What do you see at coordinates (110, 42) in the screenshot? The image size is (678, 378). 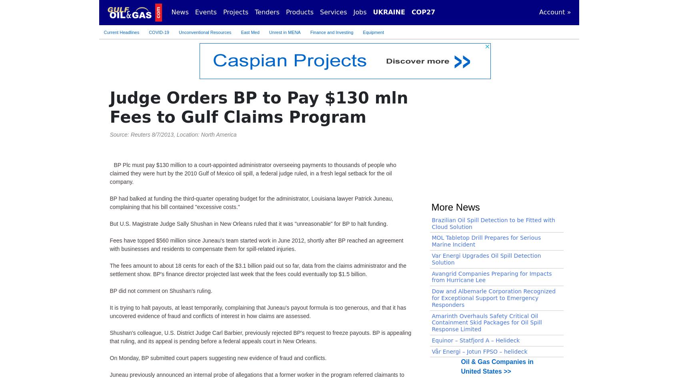 I see `'On Monday, BP submitted court papers suggesting new evidence of fraud and conflicts.'` at bounding box center [110, 42].